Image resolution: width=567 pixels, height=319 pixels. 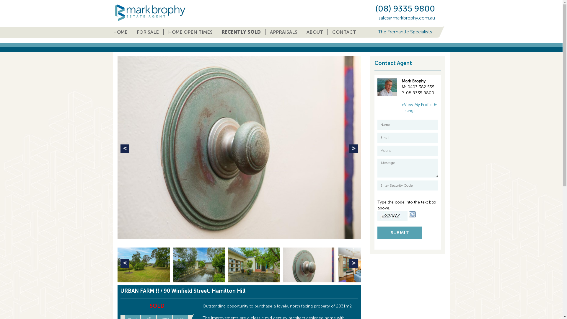 I want to click on 'RECENTLY SOLD', so click(x=241, y=32).